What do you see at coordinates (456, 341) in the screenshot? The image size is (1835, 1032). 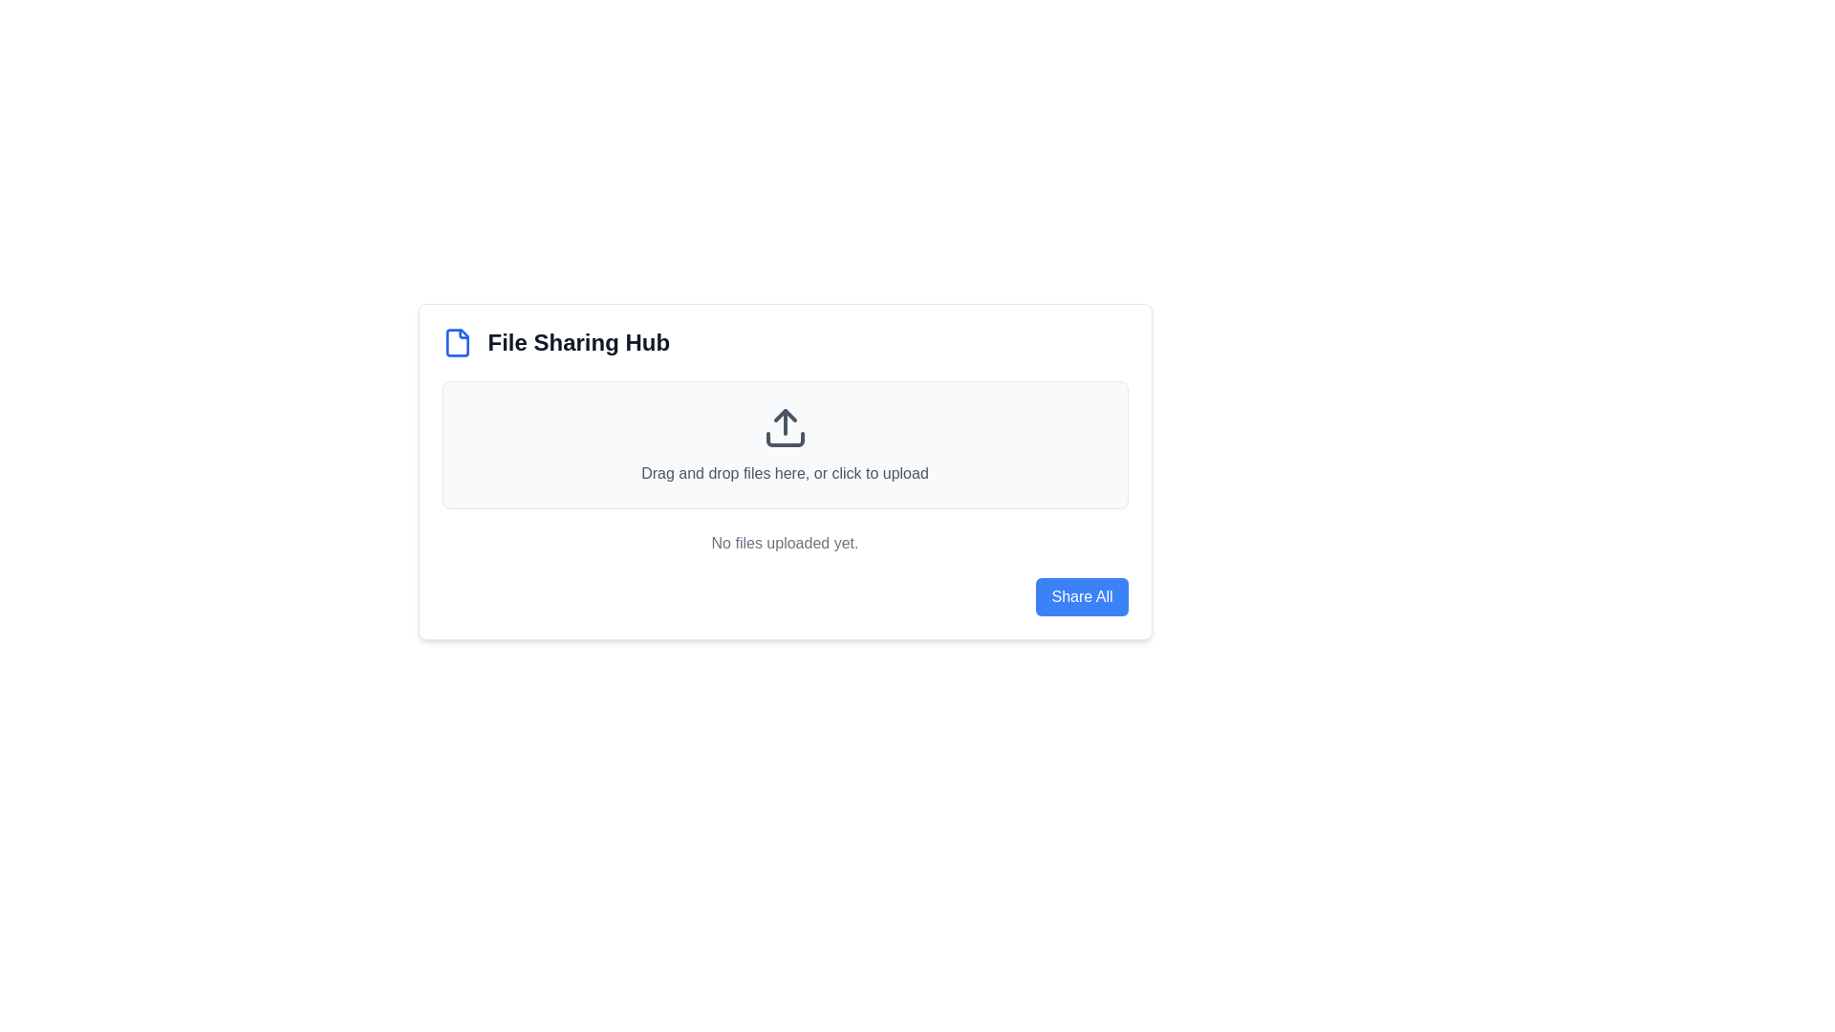 I see `the blue document icon located immediately to the left of the text 'File Sharing Hub' in the top section of the card layout if it is interactive` at bounding box center [456, 341].